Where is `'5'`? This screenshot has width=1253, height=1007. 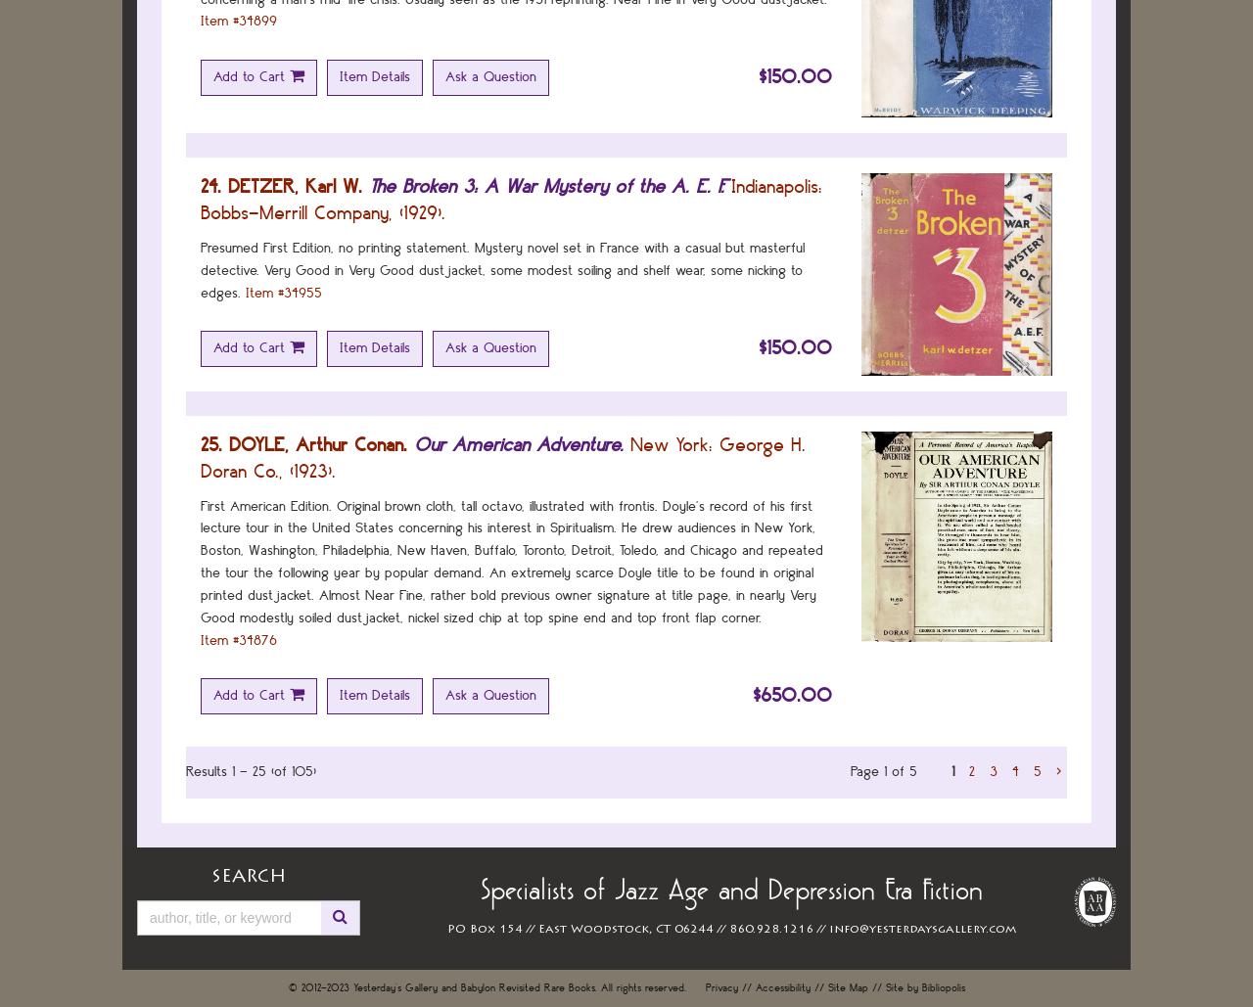
'5' is located at coordinates (1036, 771).